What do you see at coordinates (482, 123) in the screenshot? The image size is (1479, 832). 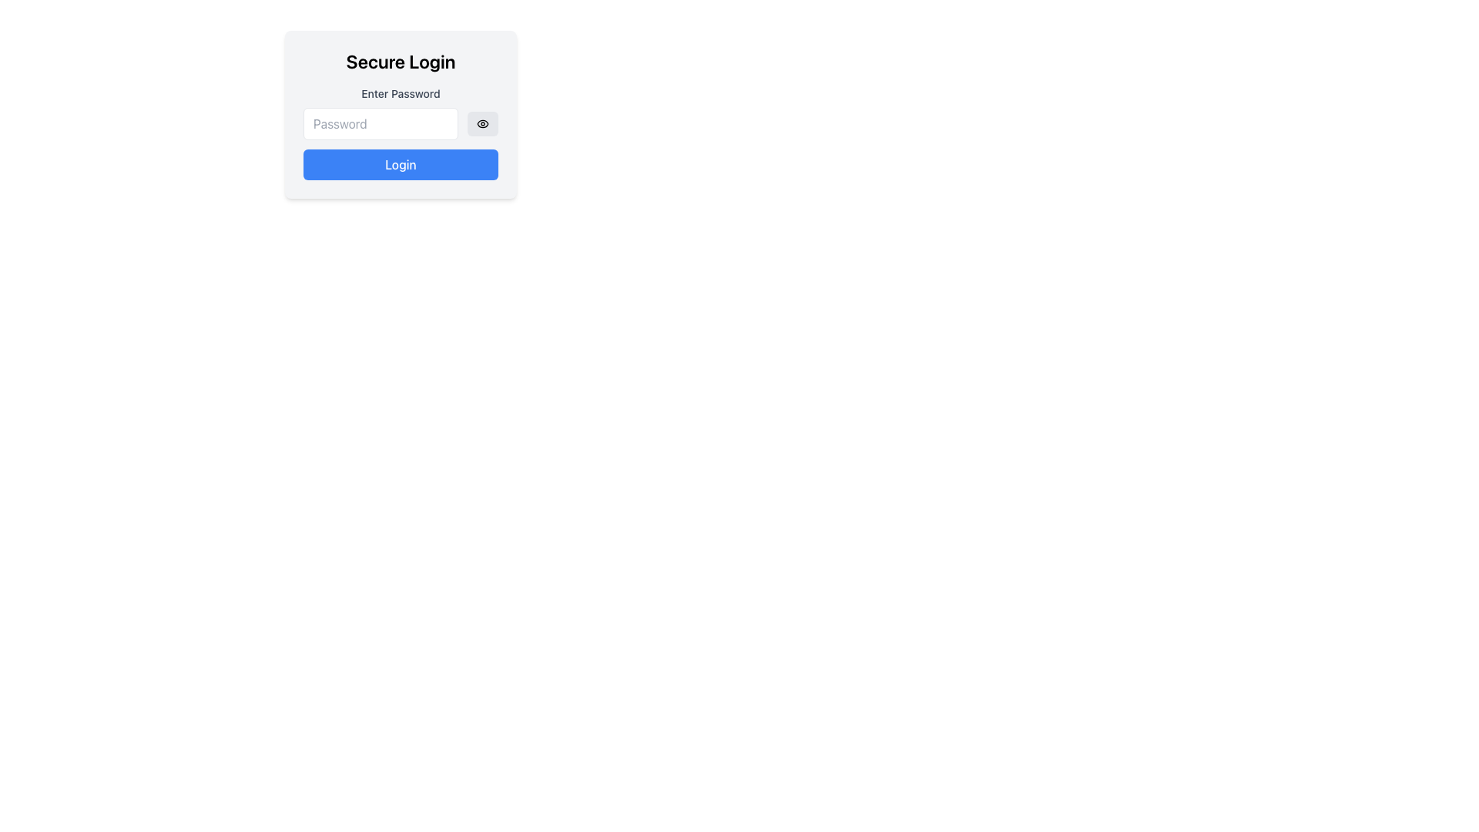 I see `the toggle button located directly to the right of the password input field` at bounding box center [482, 123].